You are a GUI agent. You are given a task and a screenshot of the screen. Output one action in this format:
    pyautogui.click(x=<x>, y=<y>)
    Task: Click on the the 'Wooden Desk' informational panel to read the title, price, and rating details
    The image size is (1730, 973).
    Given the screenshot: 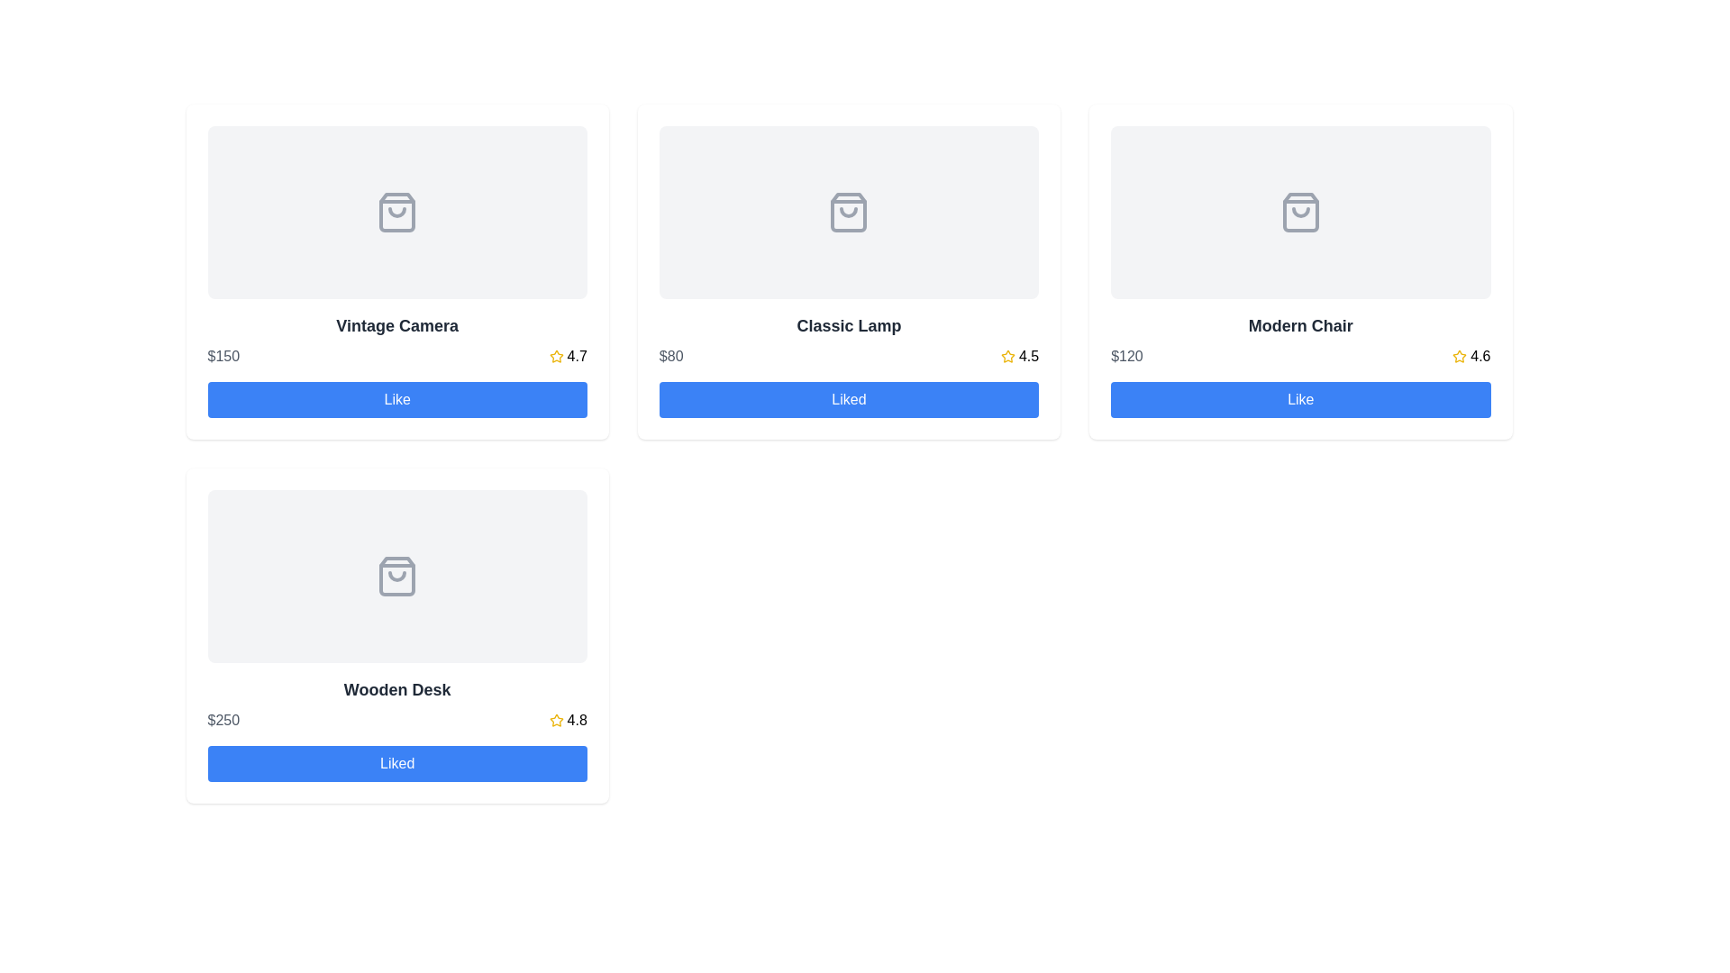 What is the action you would take?
    pyautogui.click(x=396, y=704)
    